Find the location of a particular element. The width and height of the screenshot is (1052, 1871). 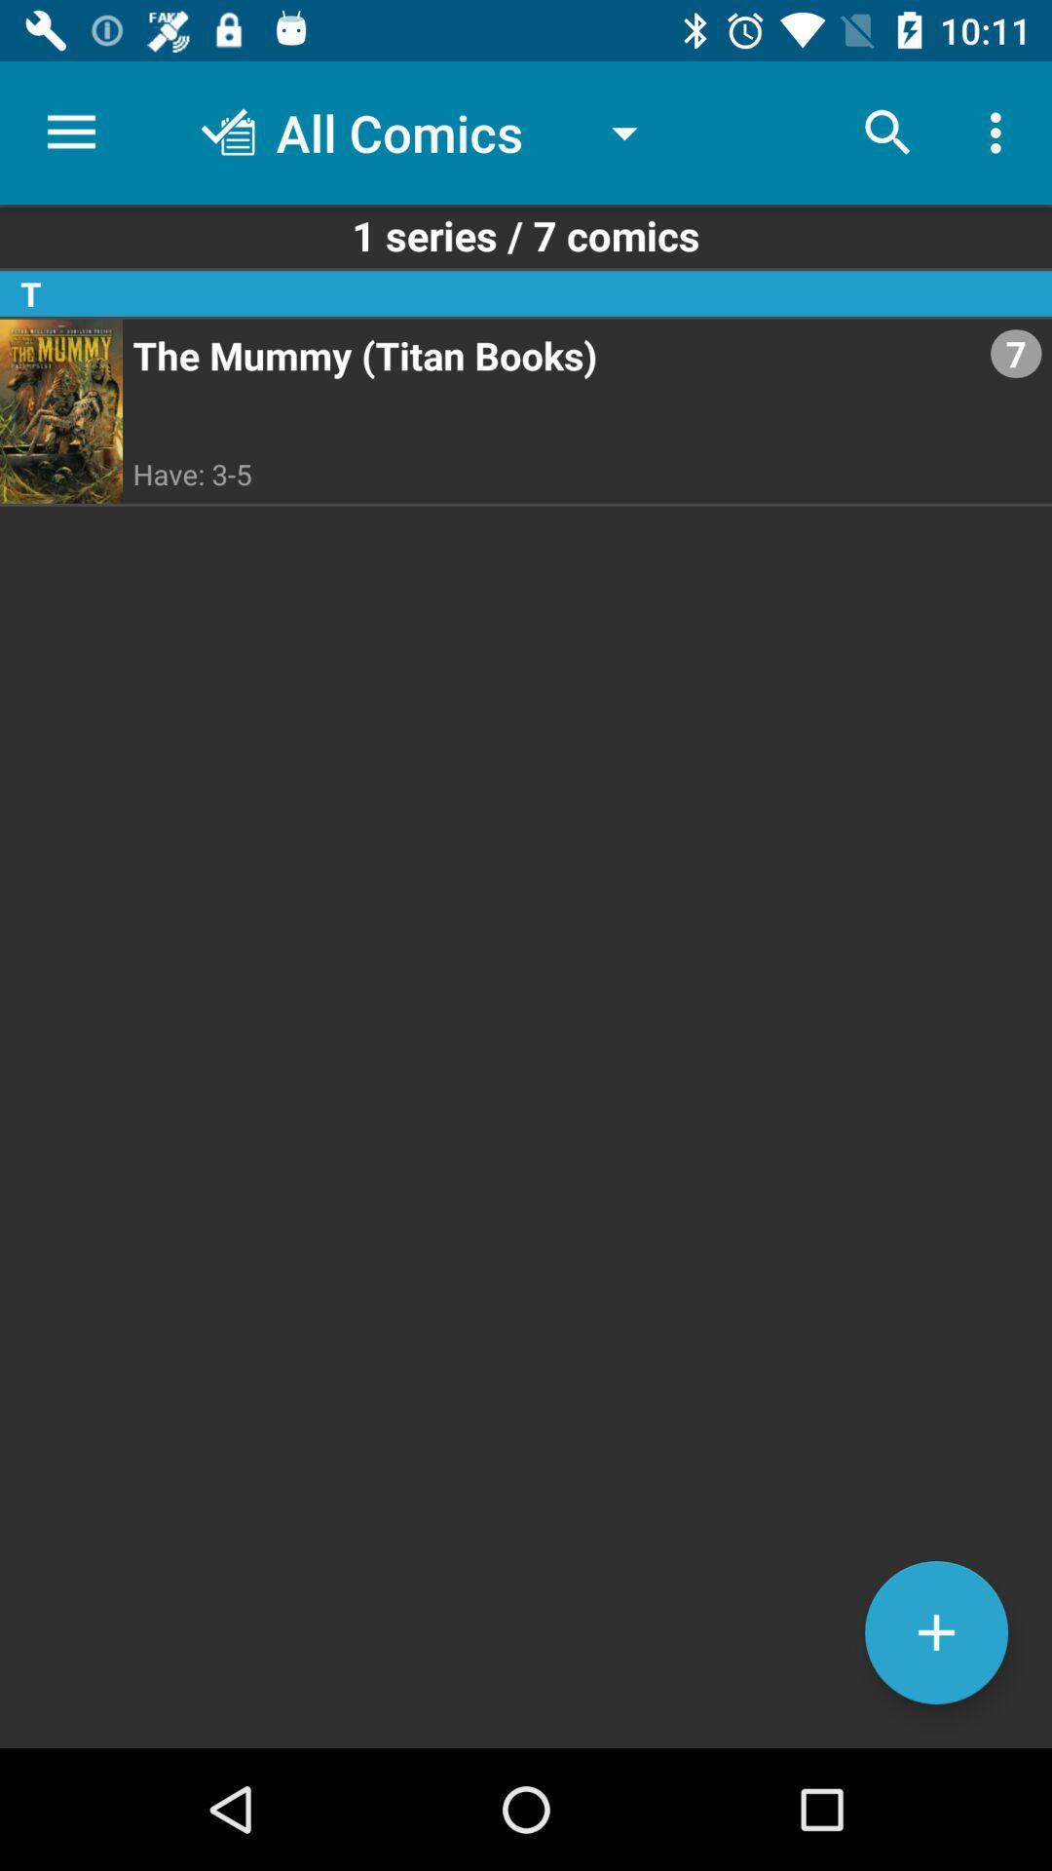

a new item is located at coordinates (935, 1632).